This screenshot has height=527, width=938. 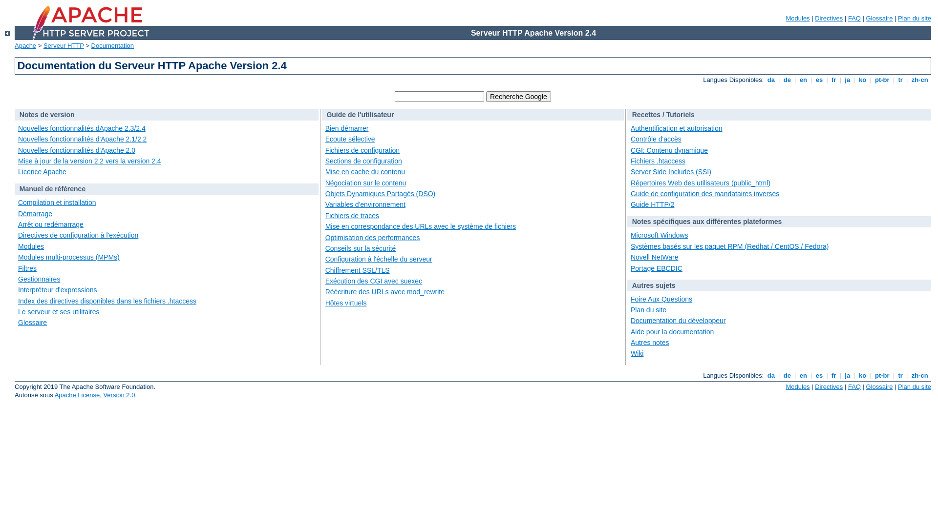 I want to click on 'Licence Apache', so click(x=42, y=171).